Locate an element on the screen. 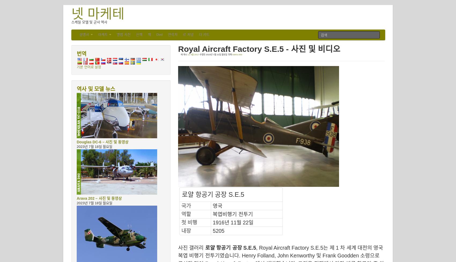 The height and width of the screenshot is (262, 456). 'Douglas DC-6 – 사진 및 동영상' is located at coordinates (102, 142).